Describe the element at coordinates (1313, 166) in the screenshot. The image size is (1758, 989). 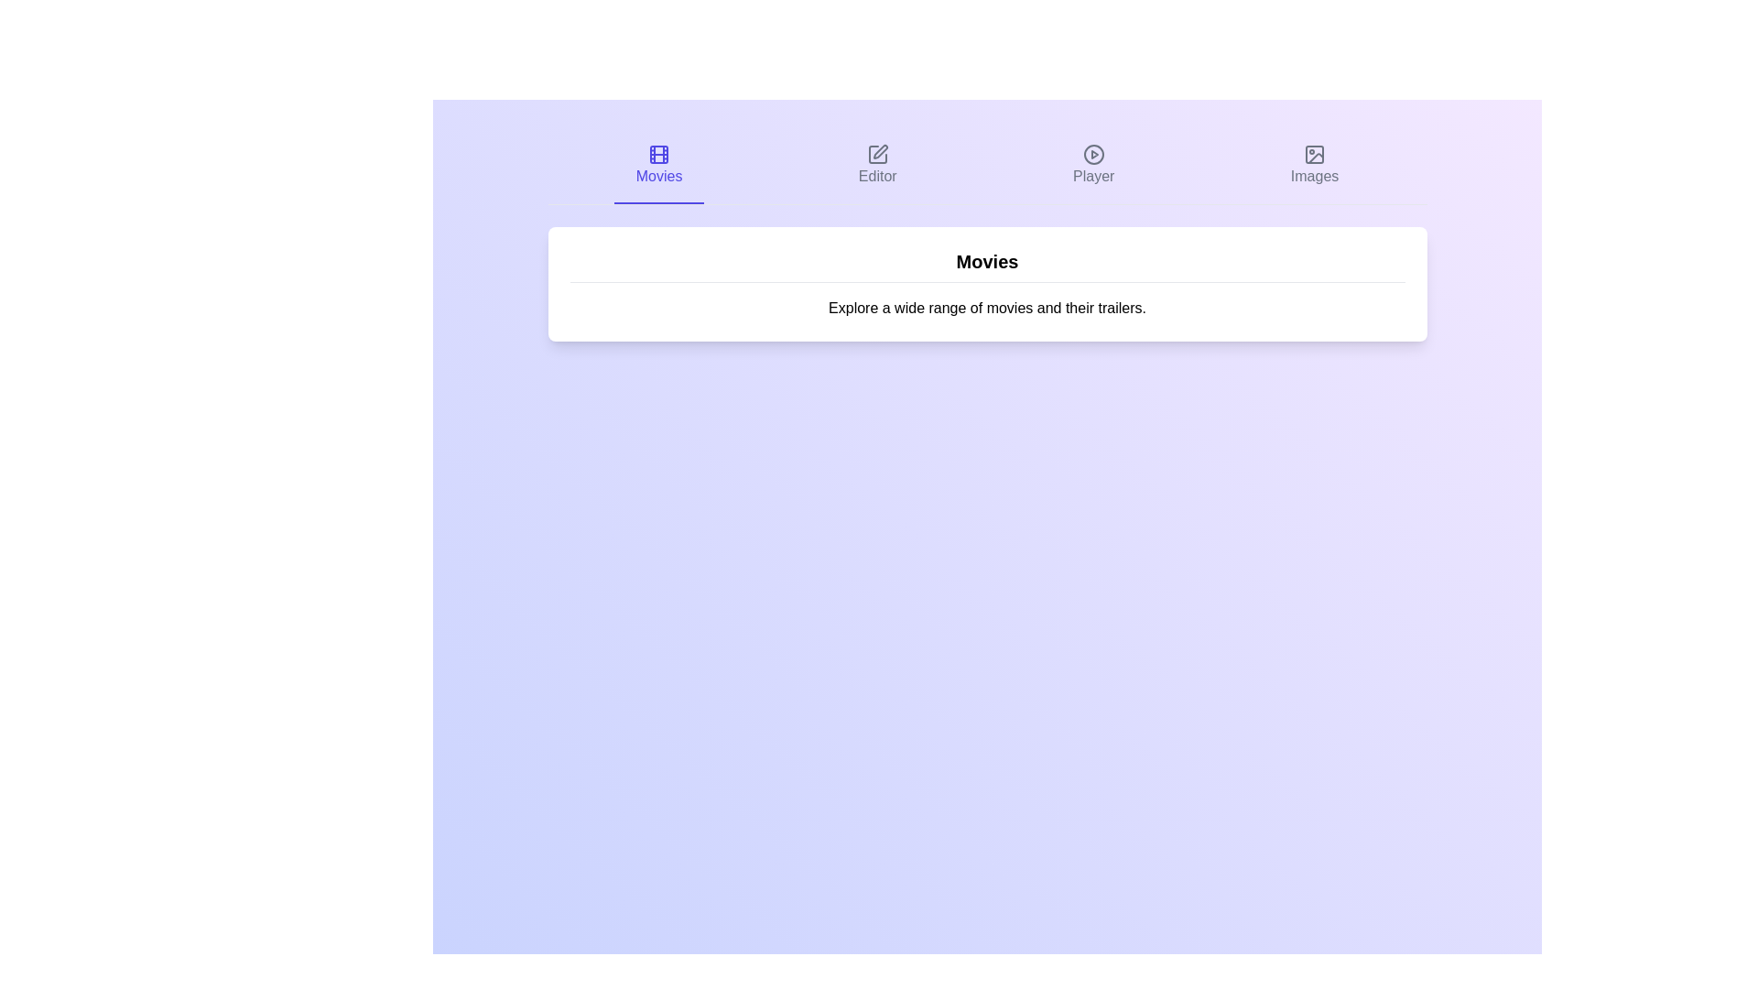
I see `the tab Images to activate it` at that location.